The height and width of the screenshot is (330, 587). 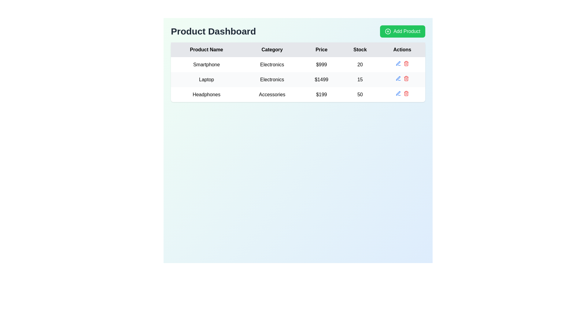 I want to click on the 'Stock' column header in the data table, which is the fourth header, positioned between 'Price' and 'Actions', so click(x=360, y=49).